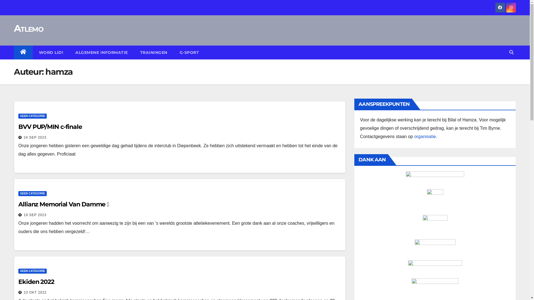 Image resolution: width=534 pixels, height=300 pixels. I want to click on 'GEEN CATEGORIE', so click(32, 116).